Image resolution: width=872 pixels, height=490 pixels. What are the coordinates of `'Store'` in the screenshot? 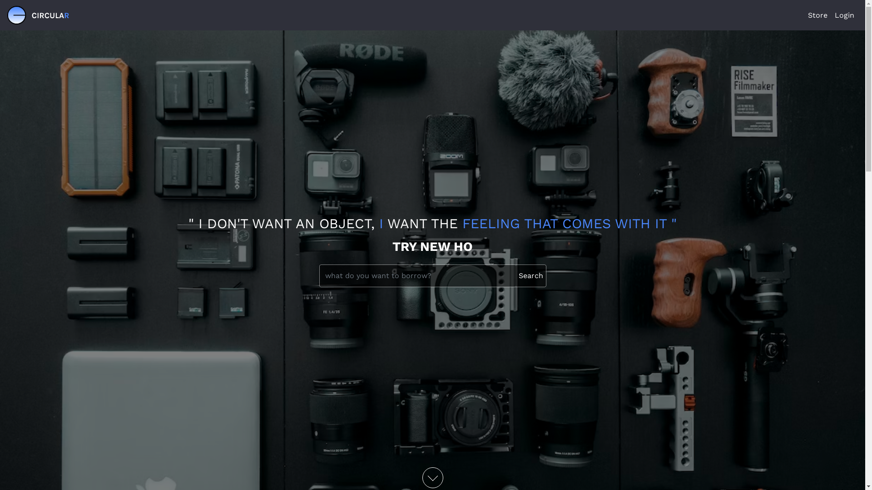 It's located at (817, 15).